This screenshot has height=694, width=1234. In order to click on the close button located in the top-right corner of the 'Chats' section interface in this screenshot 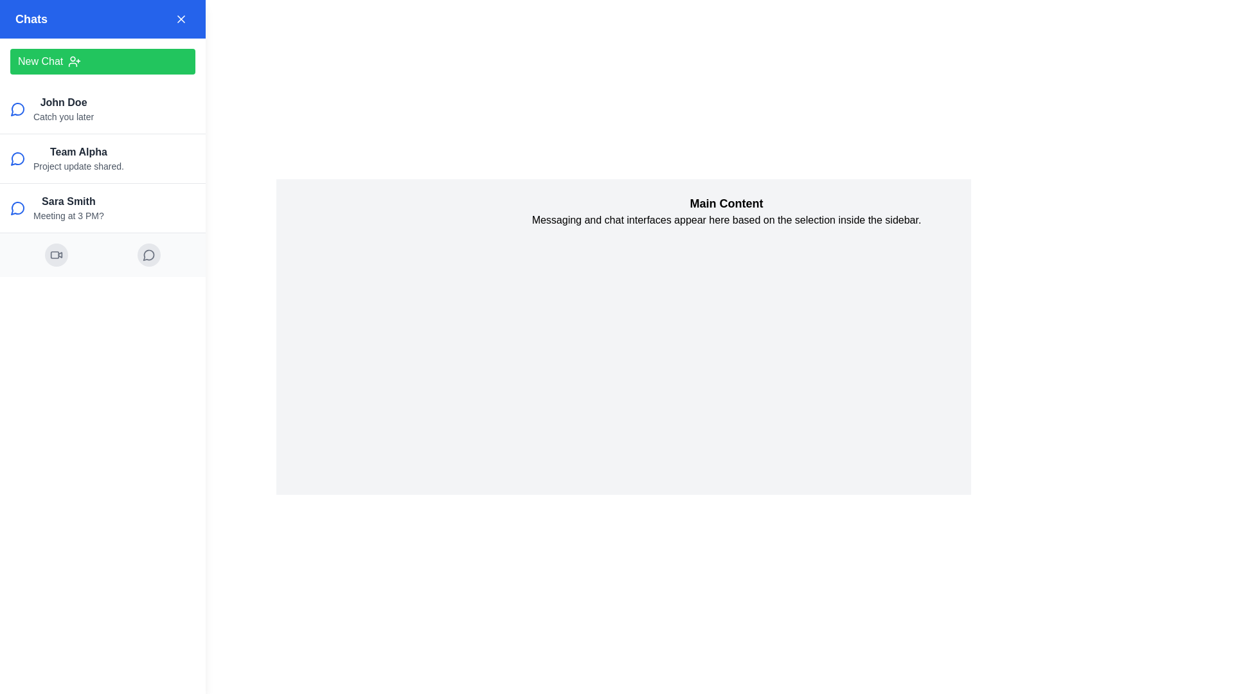, I will do `click(181, 19)`.